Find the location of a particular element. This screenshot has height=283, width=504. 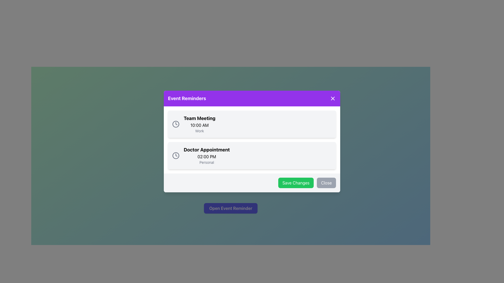

the clock icon representing the 'Doctor Appointment' reminder, which is located in the second row of the list within the modal is located at coordinates (176, 155).